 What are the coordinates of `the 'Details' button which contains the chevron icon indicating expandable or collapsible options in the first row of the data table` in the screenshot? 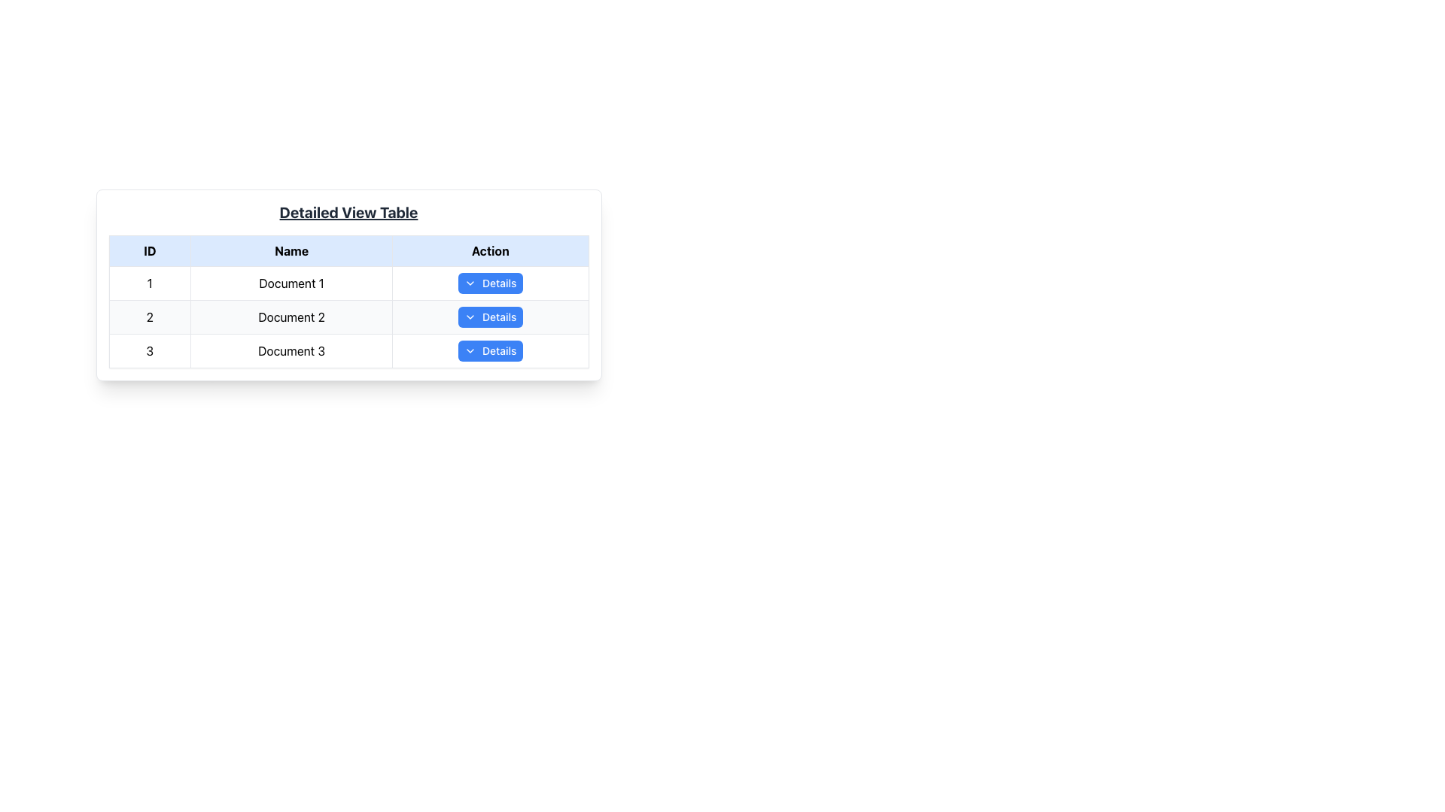 It's located at (469, 283).